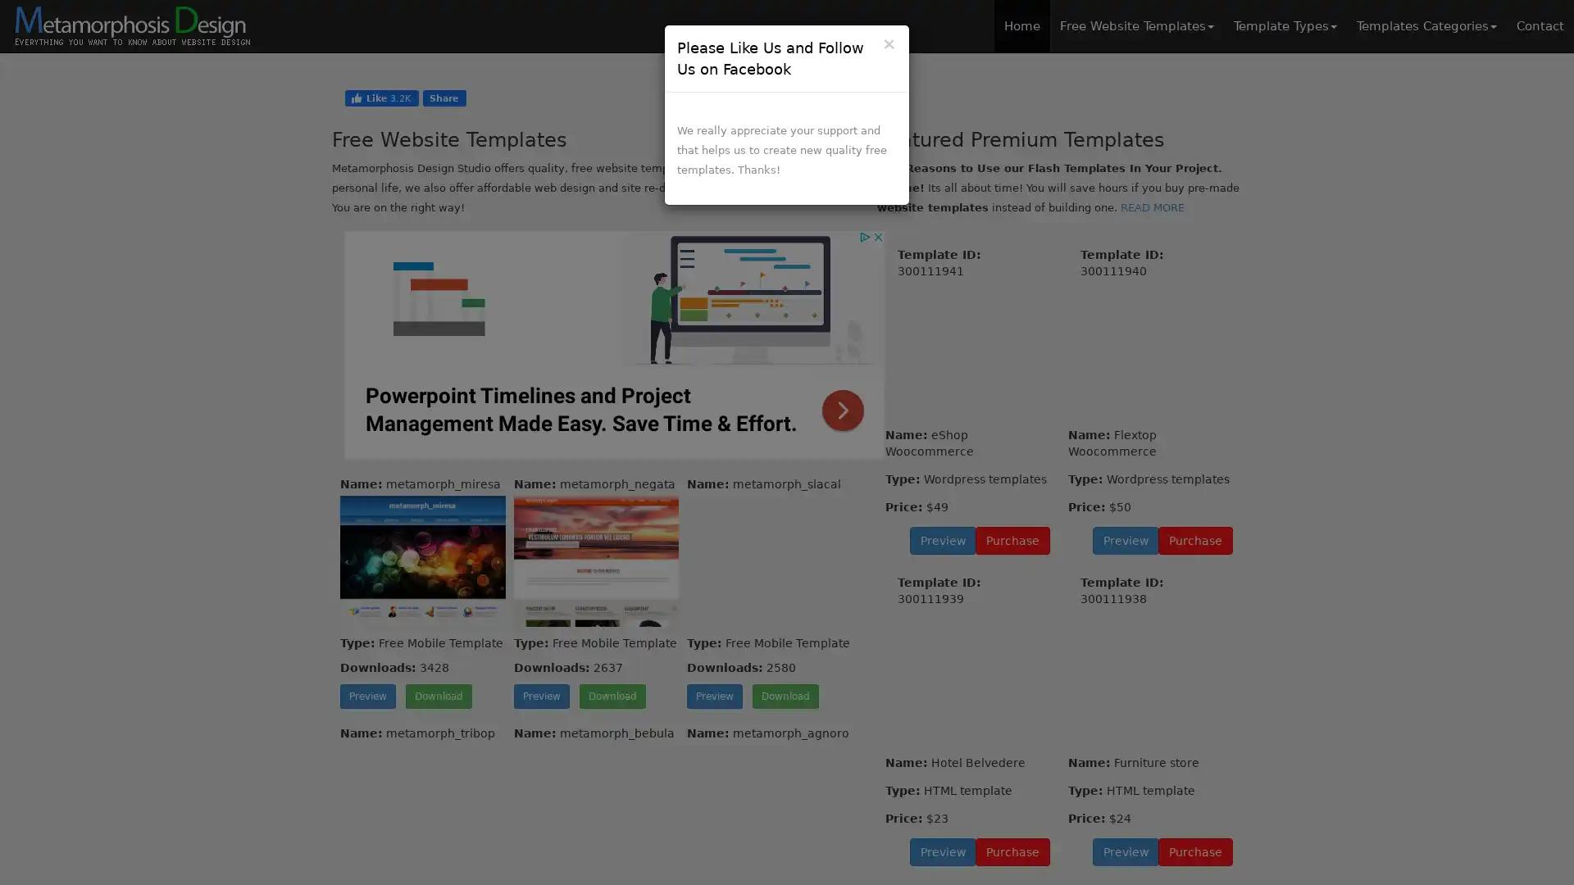 The width and height of the screenshot is (1574, 885). Describe the element at coordinates (785, 696) in the screenshot. I see `Download` at that location.